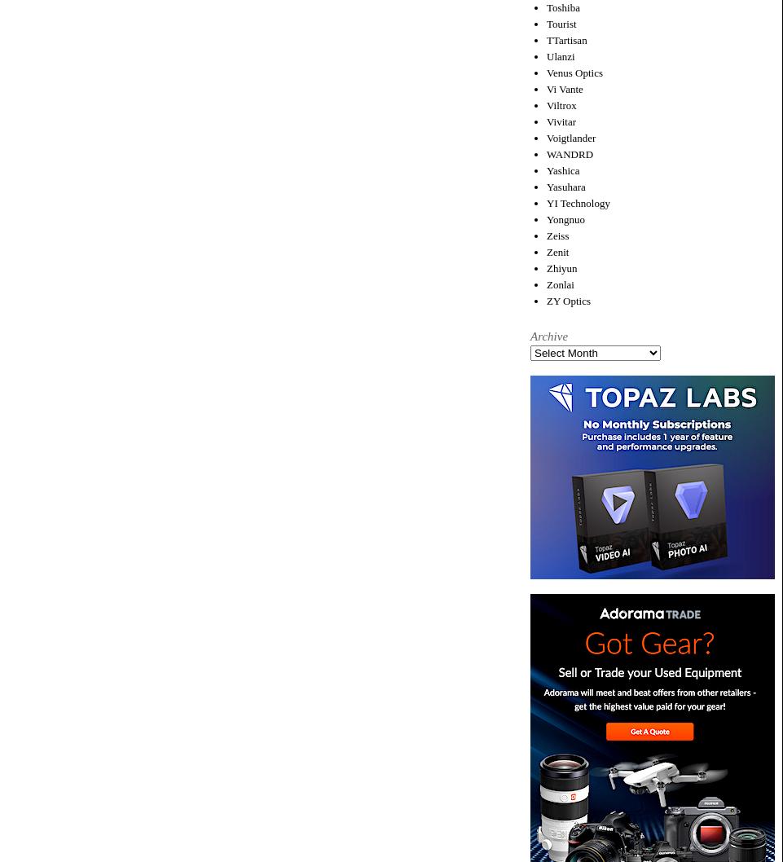  What do you see at coordinates (568, 300) in the screenshot?
I see `'ZY Optics'` at bounding box center [568, 300].